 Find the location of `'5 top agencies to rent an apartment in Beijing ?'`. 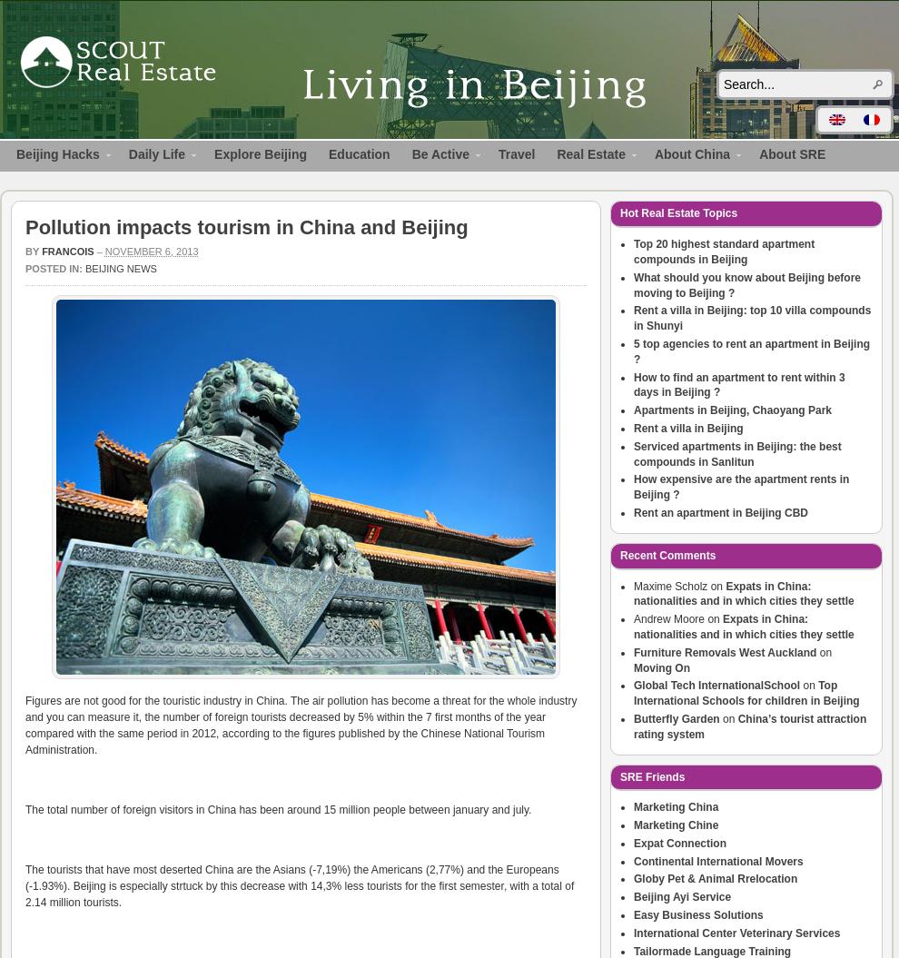

'5 top agencies to rent an apartment in Beijing ?' is located at coordinates (751, 351).